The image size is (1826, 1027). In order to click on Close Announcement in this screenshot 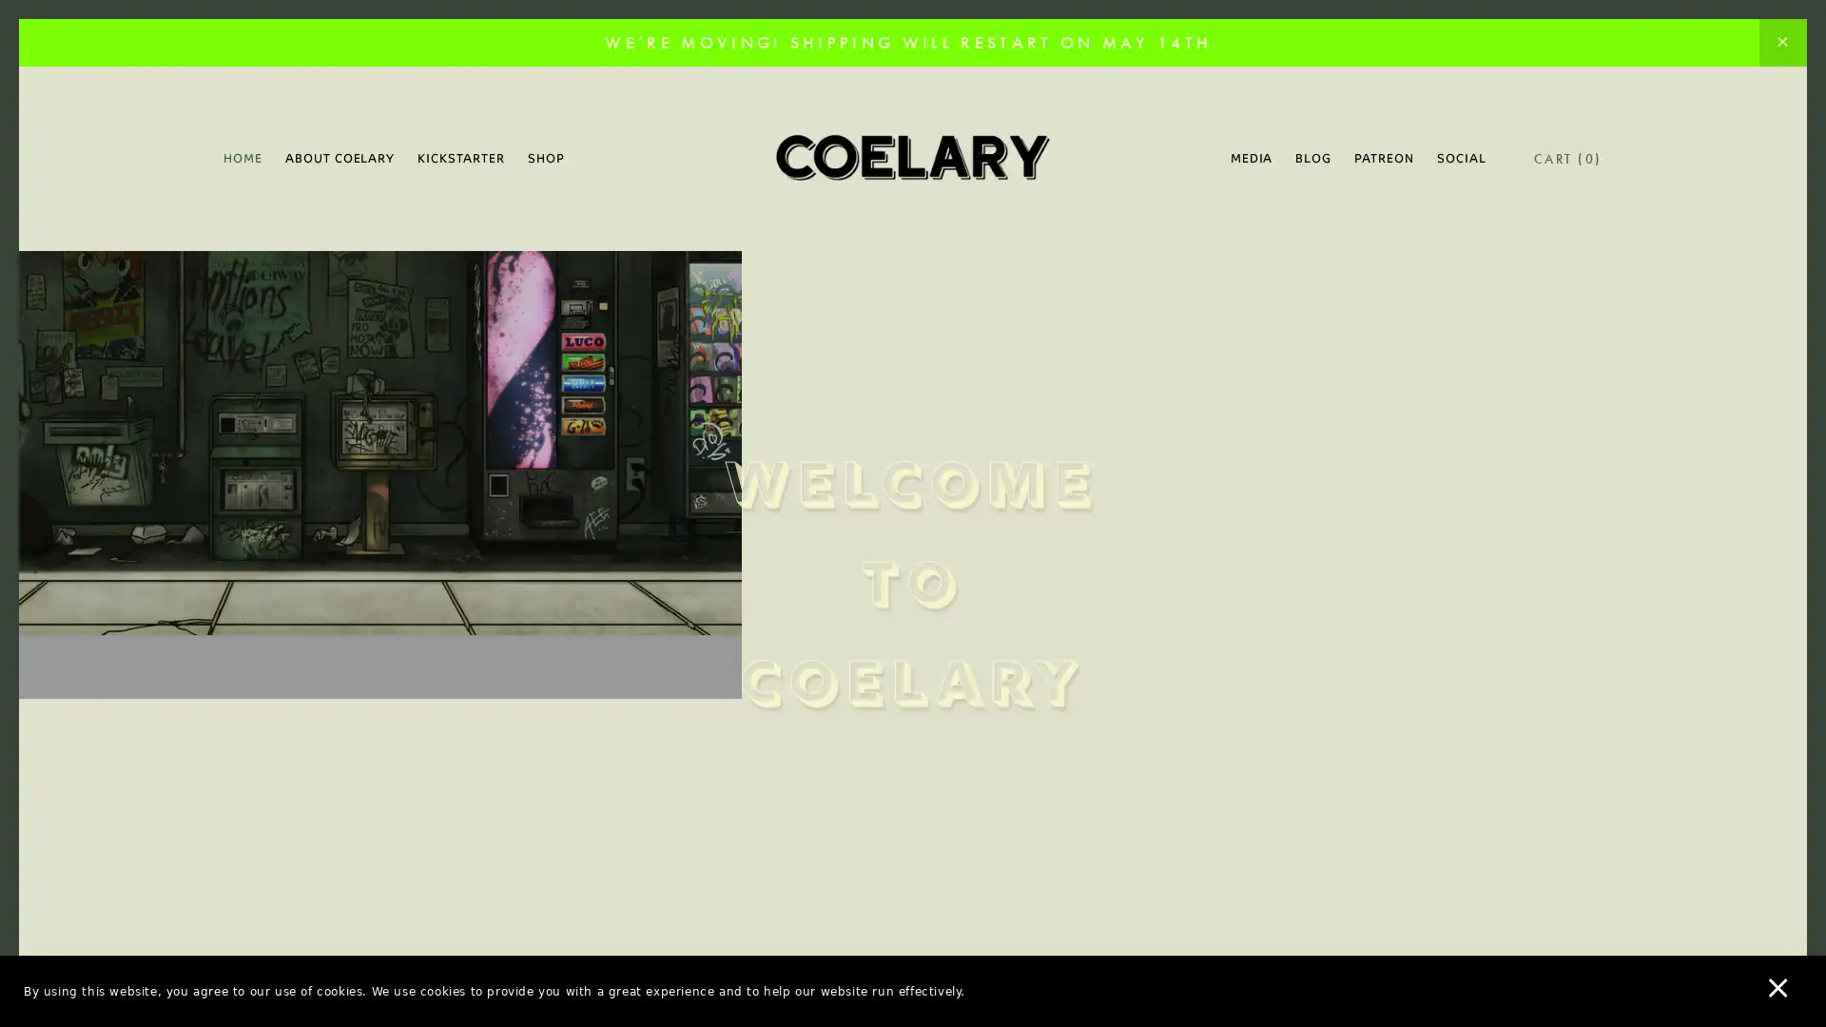, I will do `click(1781, 43)`.